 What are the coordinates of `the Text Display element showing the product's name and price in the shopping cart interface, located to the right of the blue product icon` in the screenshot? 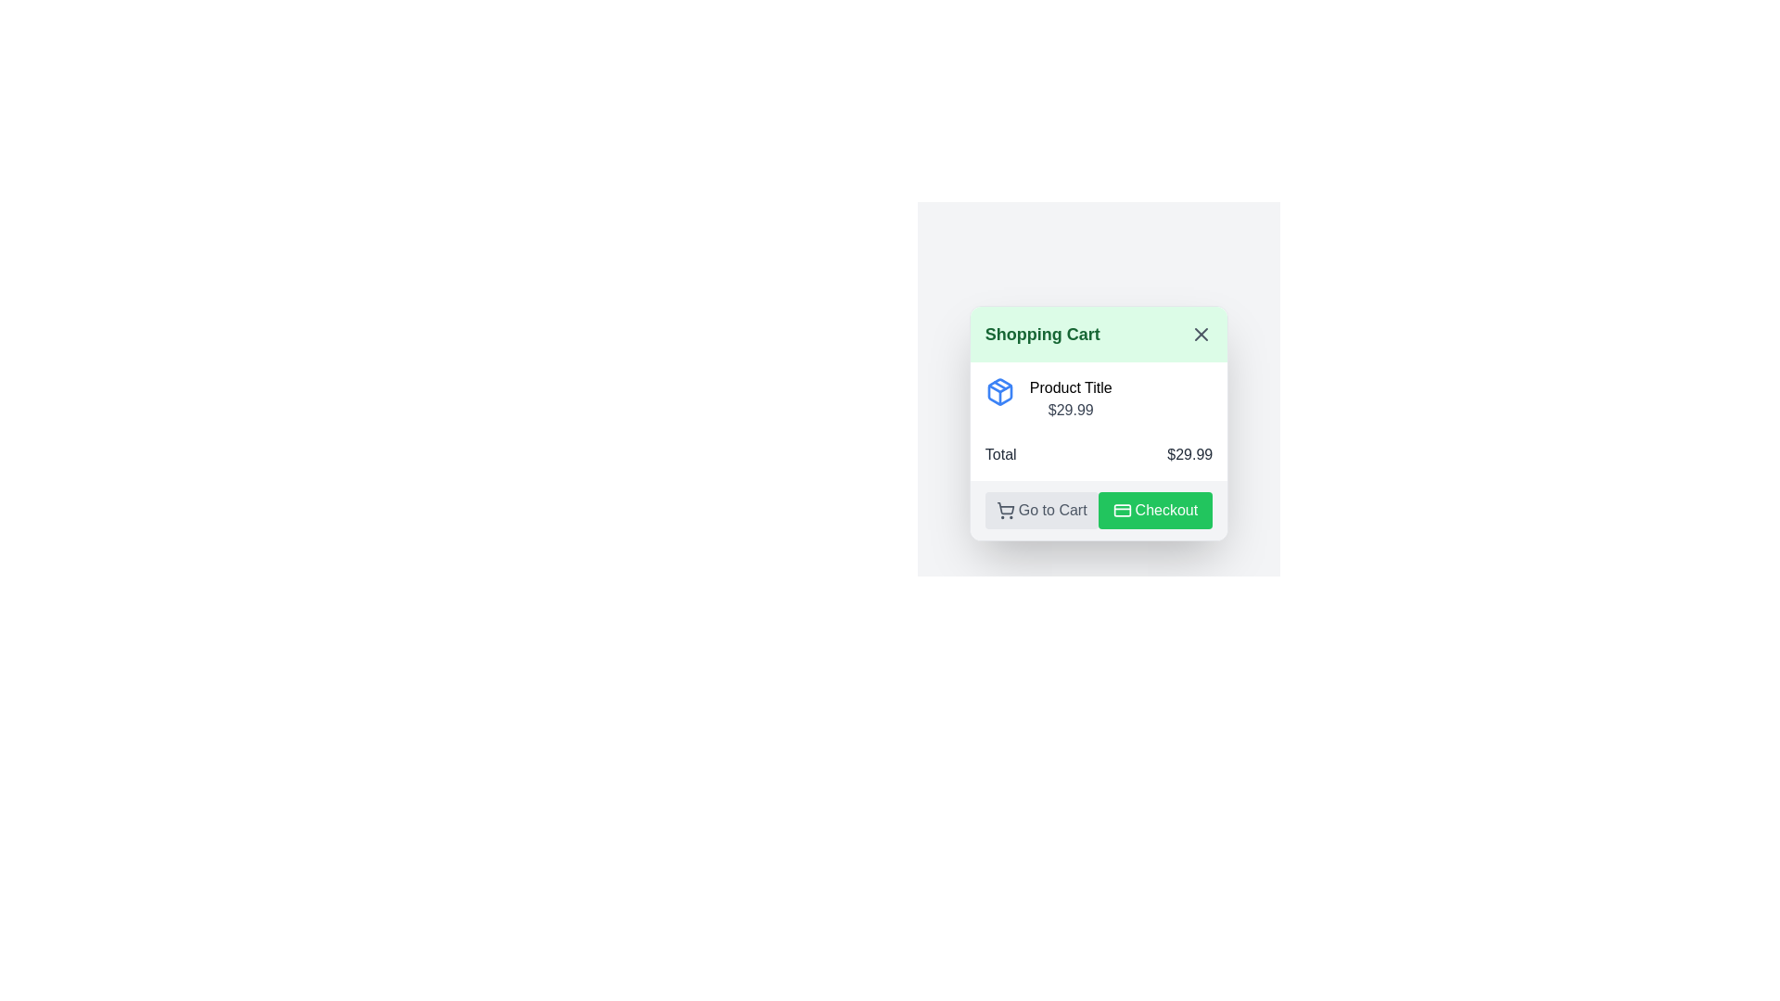 It's located at (1071, 399).